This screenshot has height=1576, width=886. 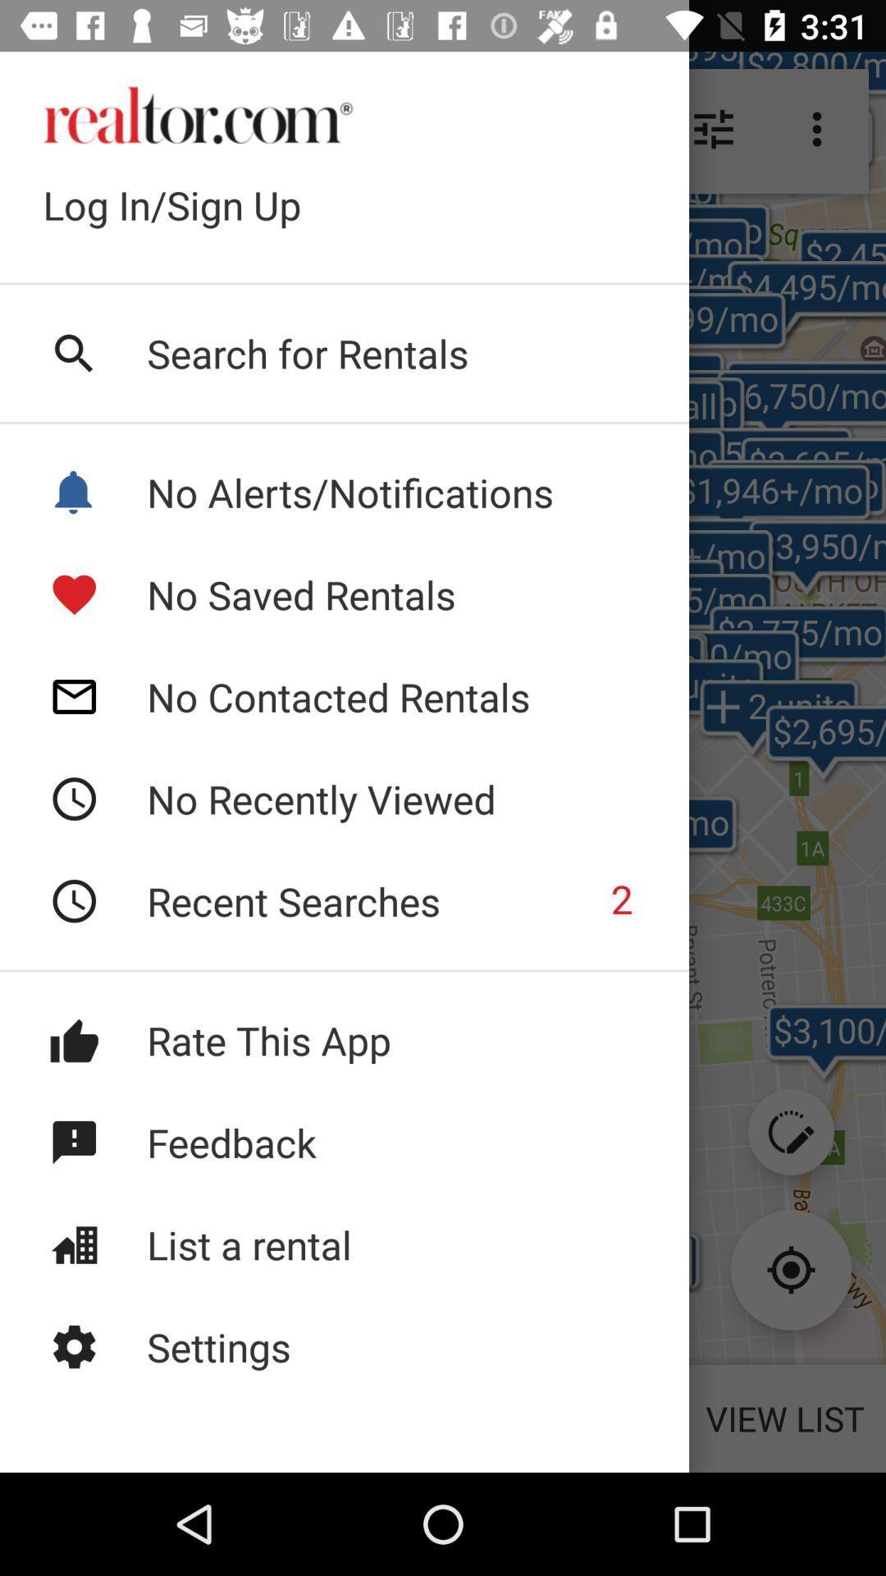 I want to click on the location_crosshair icon, so click(x=790, y=1269).